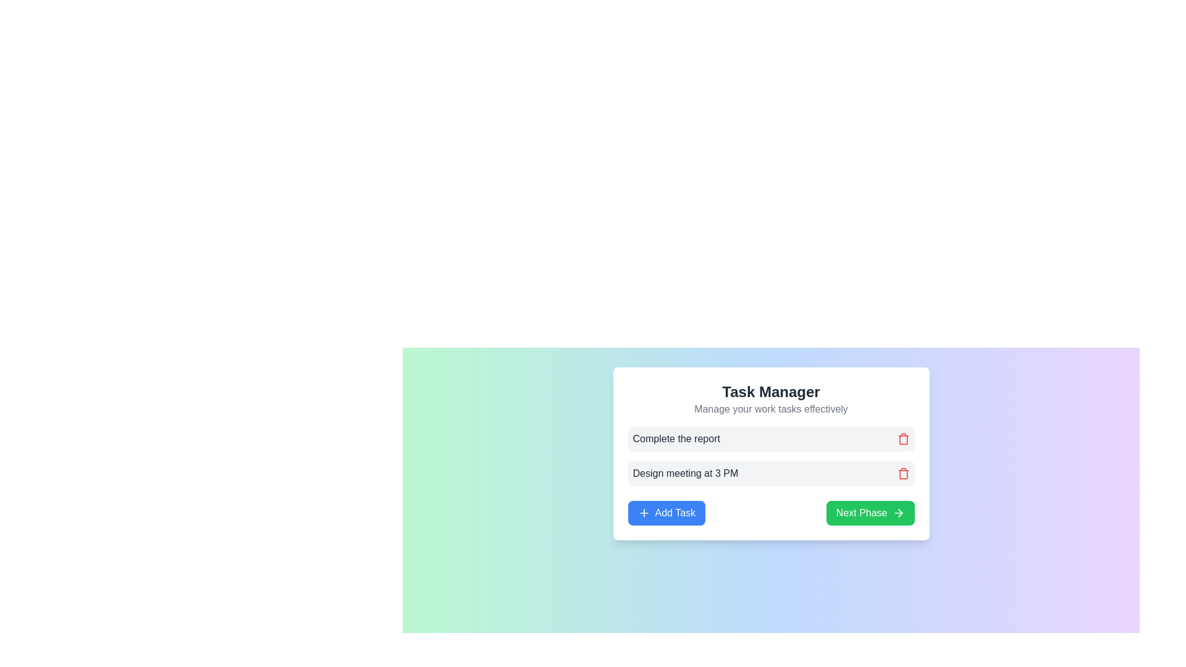 The width and height of the screenshot is (1186, 667). I want to click on the text 'Add Task' on the blue button, which has rounded corners and a '+' icon preceding it, so click(675, 513).